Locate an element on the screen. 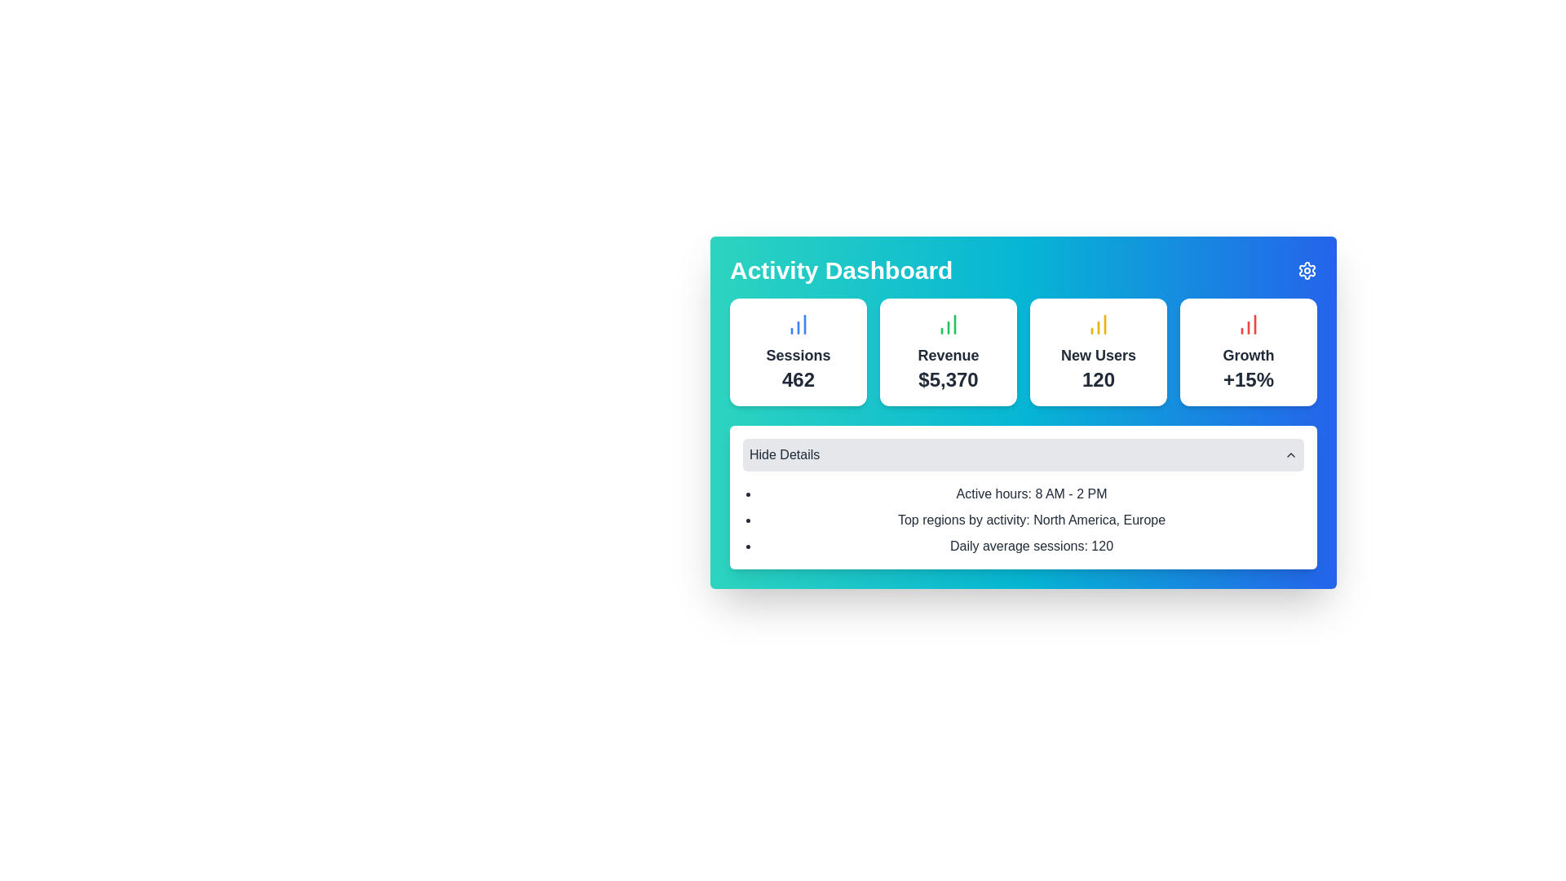 This screenshot has width=1566, height=881. the Text Label that serves as the title for the 'Activity Dashboard' section, located at the upper-left corner of the card-like component is located at coordinates (841, 269).